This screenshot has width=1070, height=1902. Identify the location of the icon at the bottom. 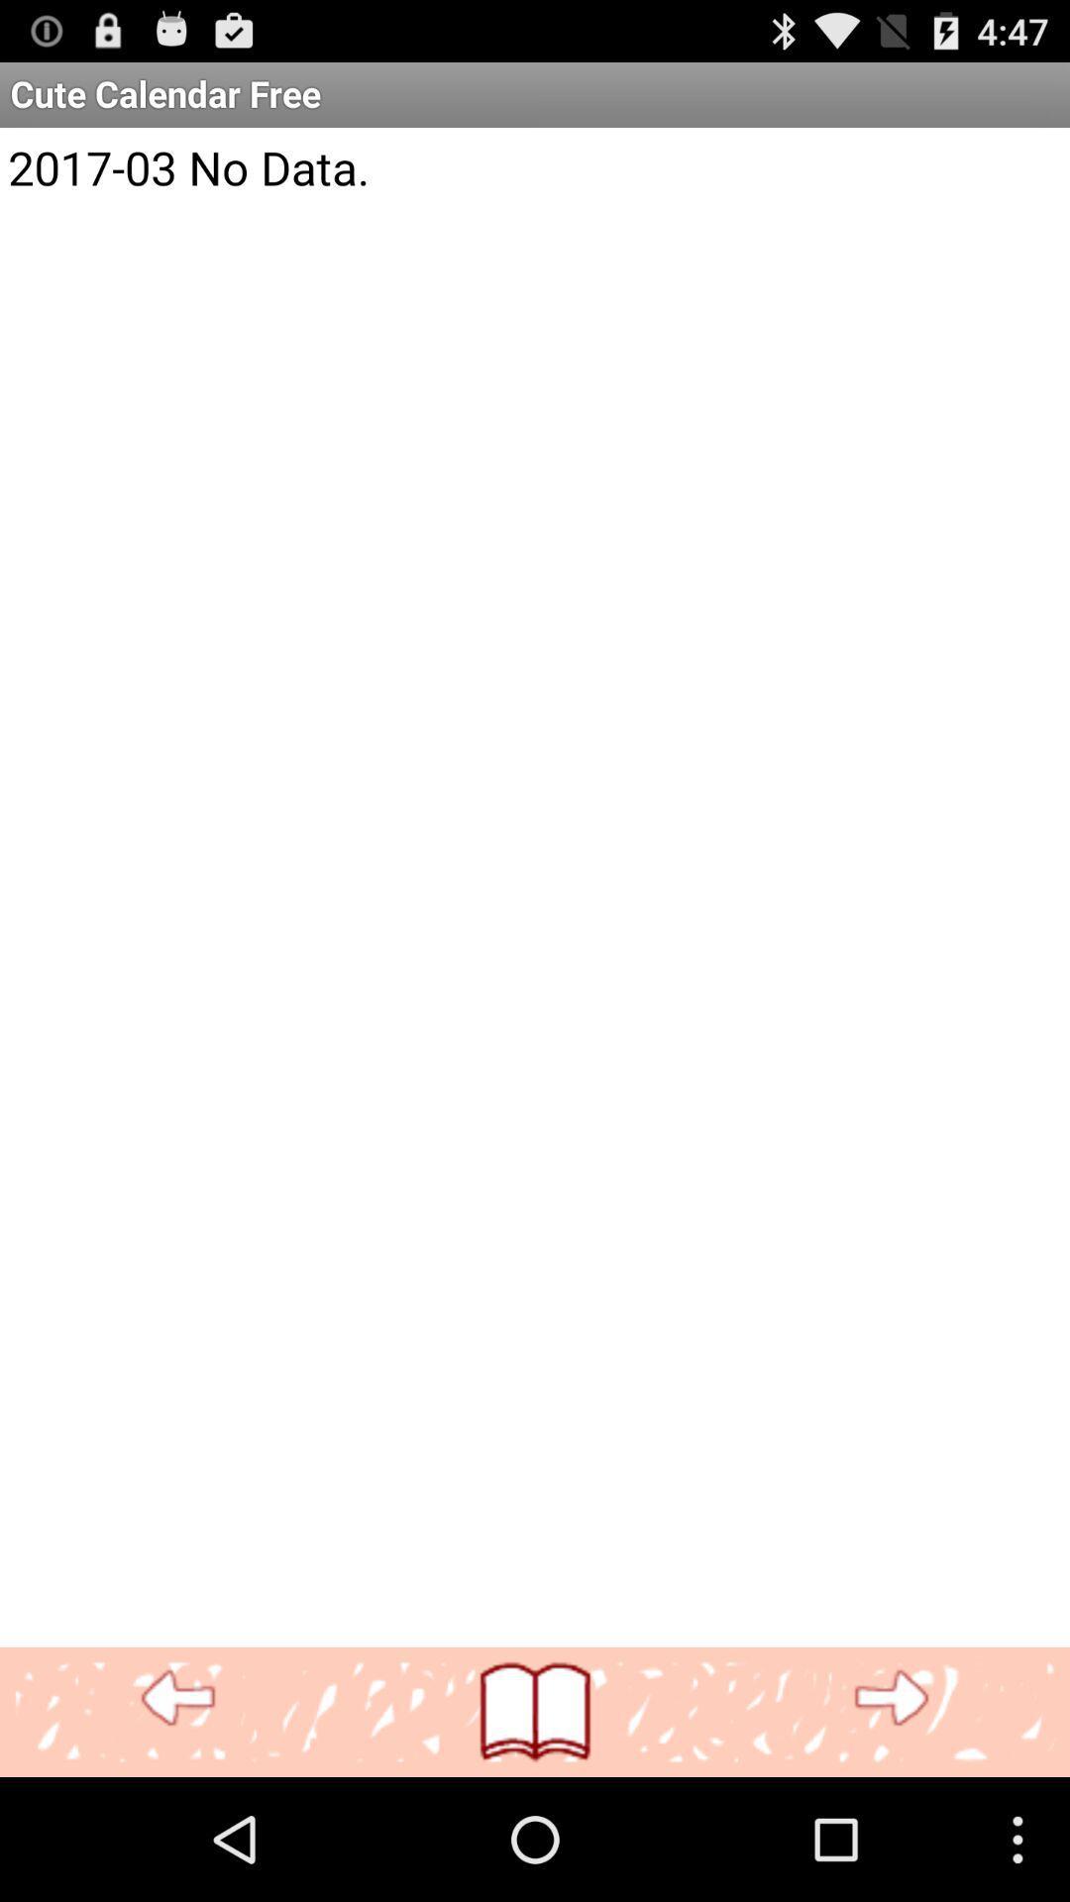
(535, 1711).